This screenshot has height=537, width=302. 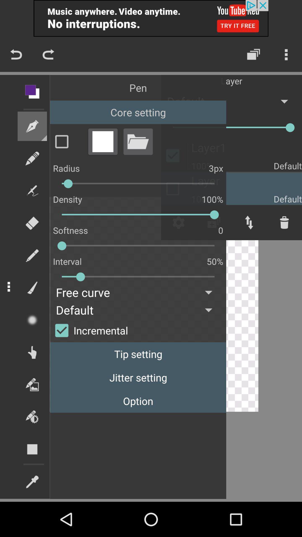 What do you see at coordinates (103, 142) in the screenshot?
I see `change a color` at bounding box center [103, 142].